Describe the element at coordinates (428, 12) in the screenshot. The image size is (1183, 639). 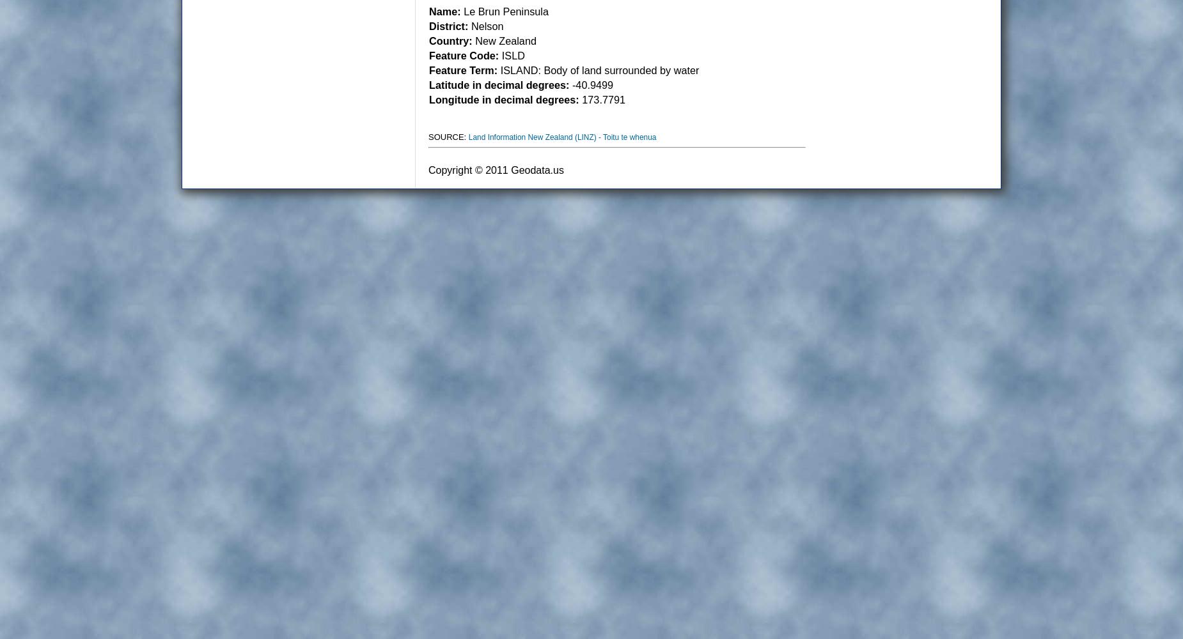
I see `'Name:'` at that location.